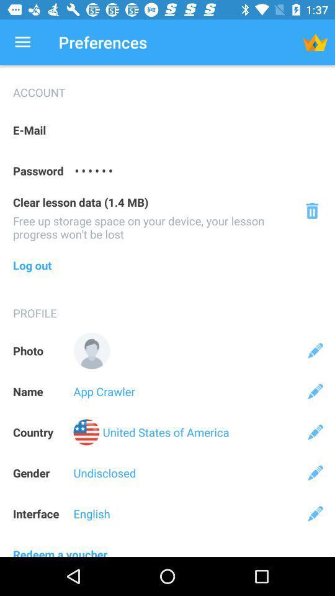 Image resolution: width=335 pixels, height=596 pixels. I want to click on the redeem a voucher icon, so click(167, 544).